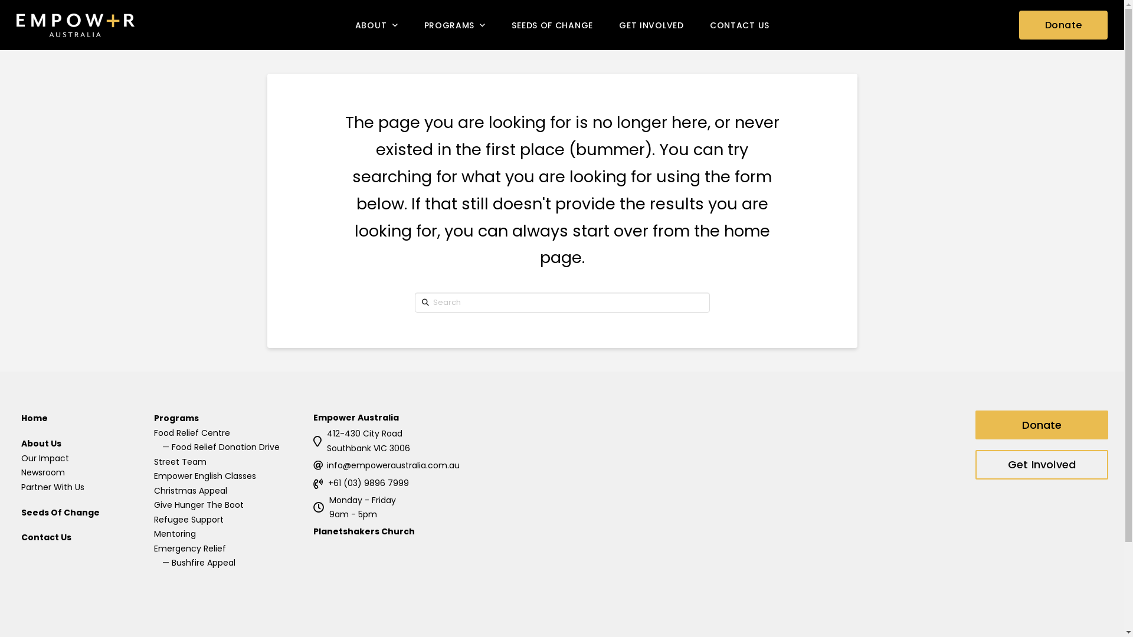 Image resolution: width=1133 pixels, height=637 pixels. I want to click on 'ABOUT', so click(375, 25).